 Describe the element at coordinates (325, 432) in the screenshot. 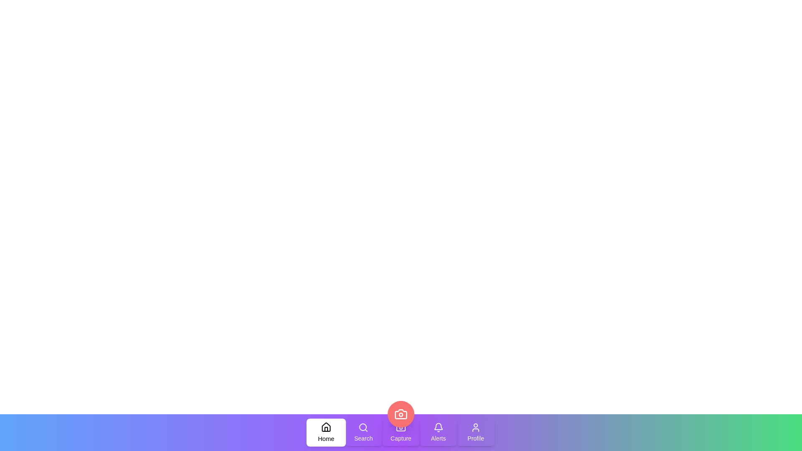

I see `the Home tab to activate it` at that location.